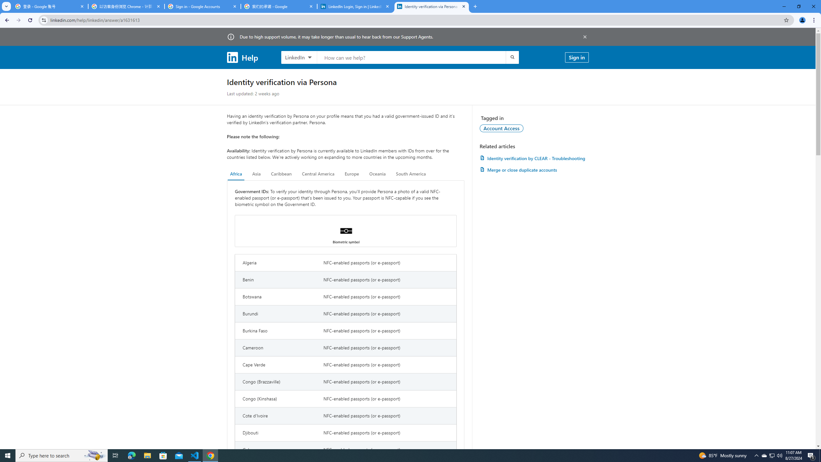 Image resolution: width=821 pixels, height=462 pixels. Describe the element at coordinates (318, 174) in the screenshot. I see `'Central America'` at that location.